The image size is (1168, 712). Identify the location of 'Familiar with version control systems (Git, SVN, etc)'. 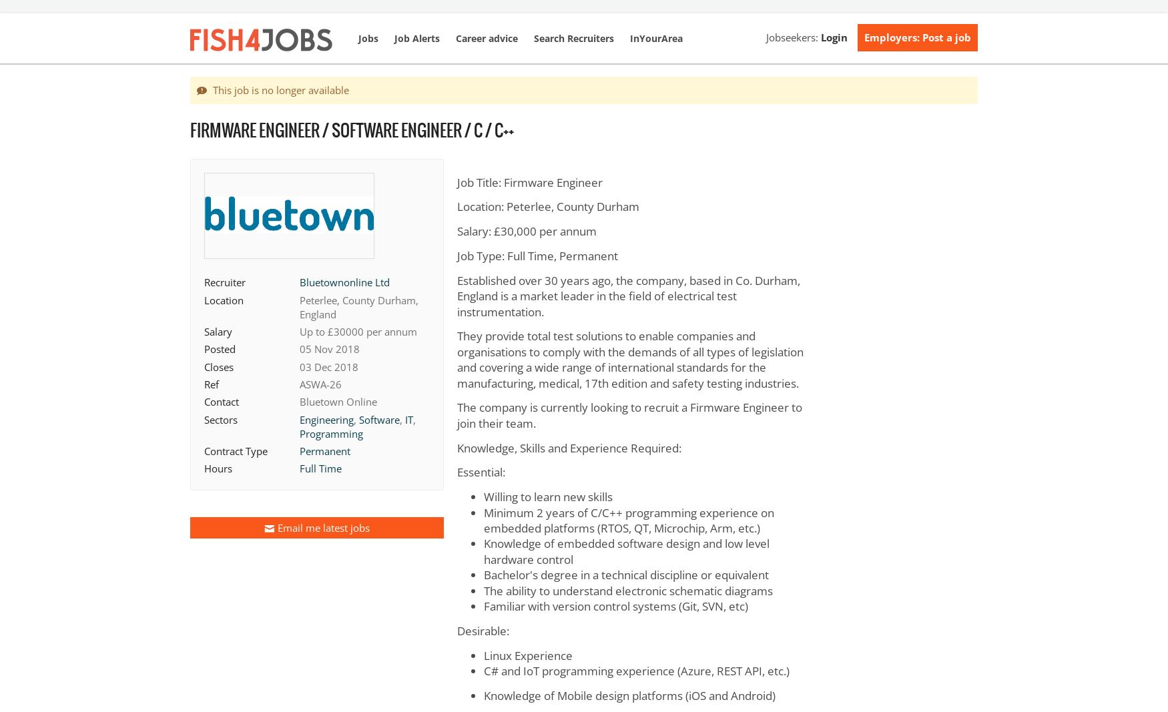
(483, 606).